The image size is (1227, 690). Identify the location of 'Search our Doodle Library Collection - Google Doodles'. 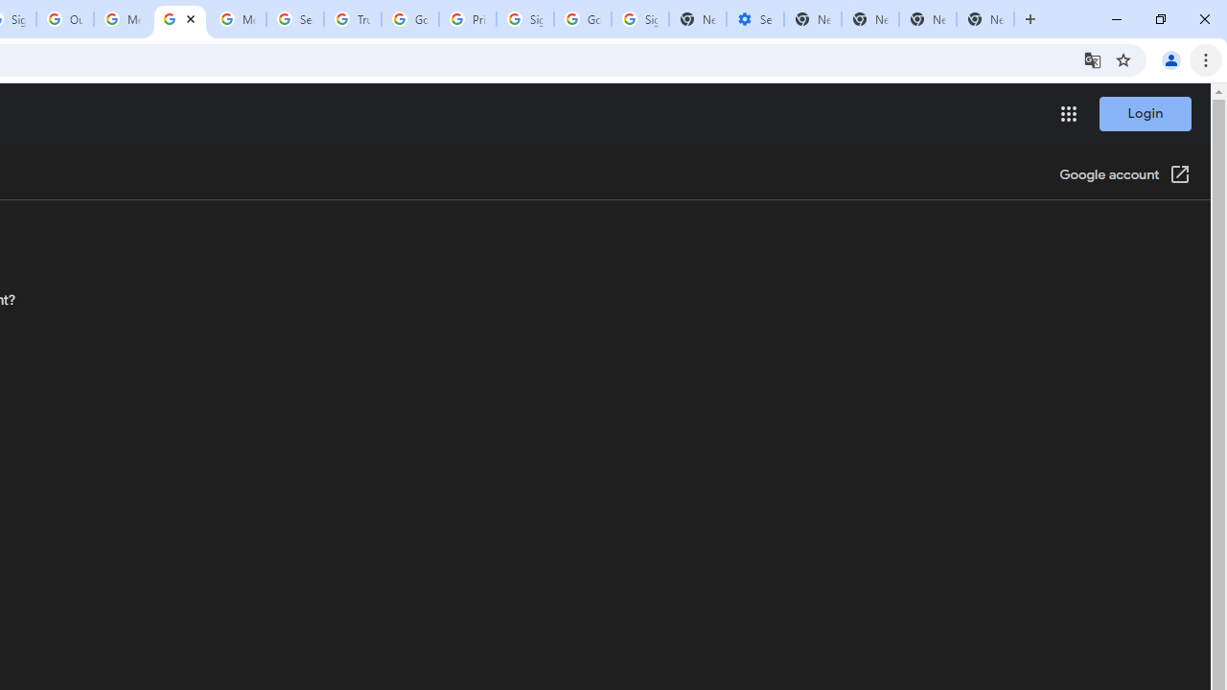
(293, 19).